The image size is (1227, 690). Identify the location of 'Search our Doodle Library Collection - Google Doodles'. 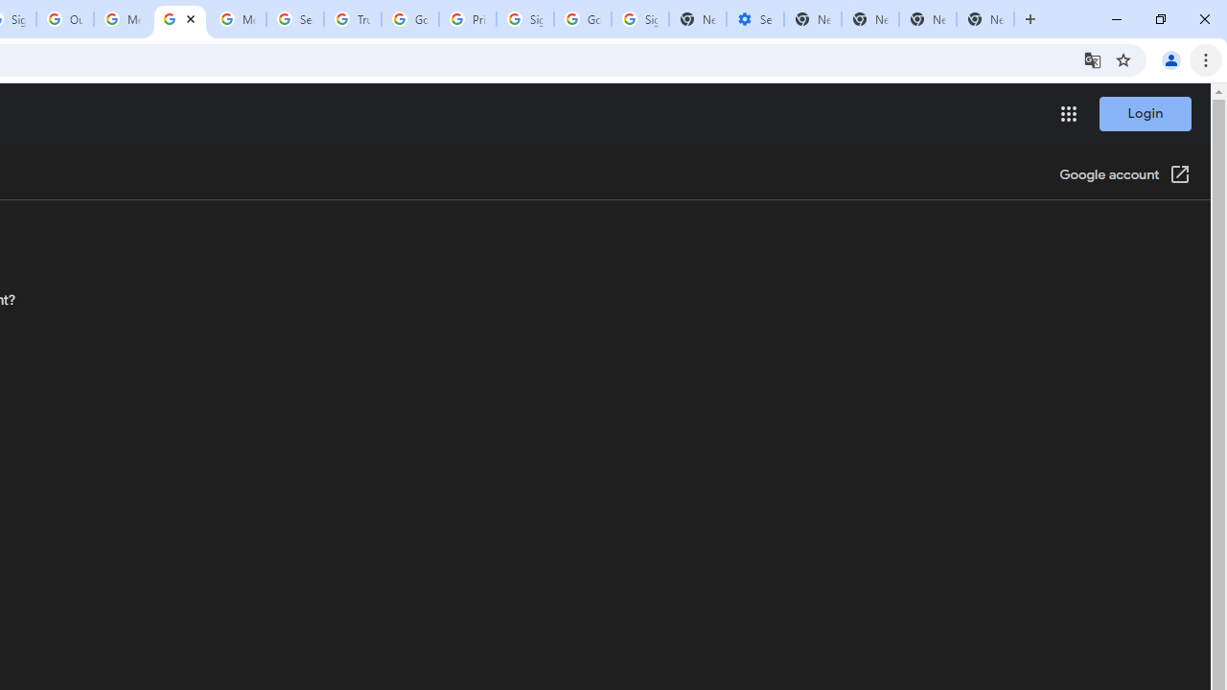
(293, 19).